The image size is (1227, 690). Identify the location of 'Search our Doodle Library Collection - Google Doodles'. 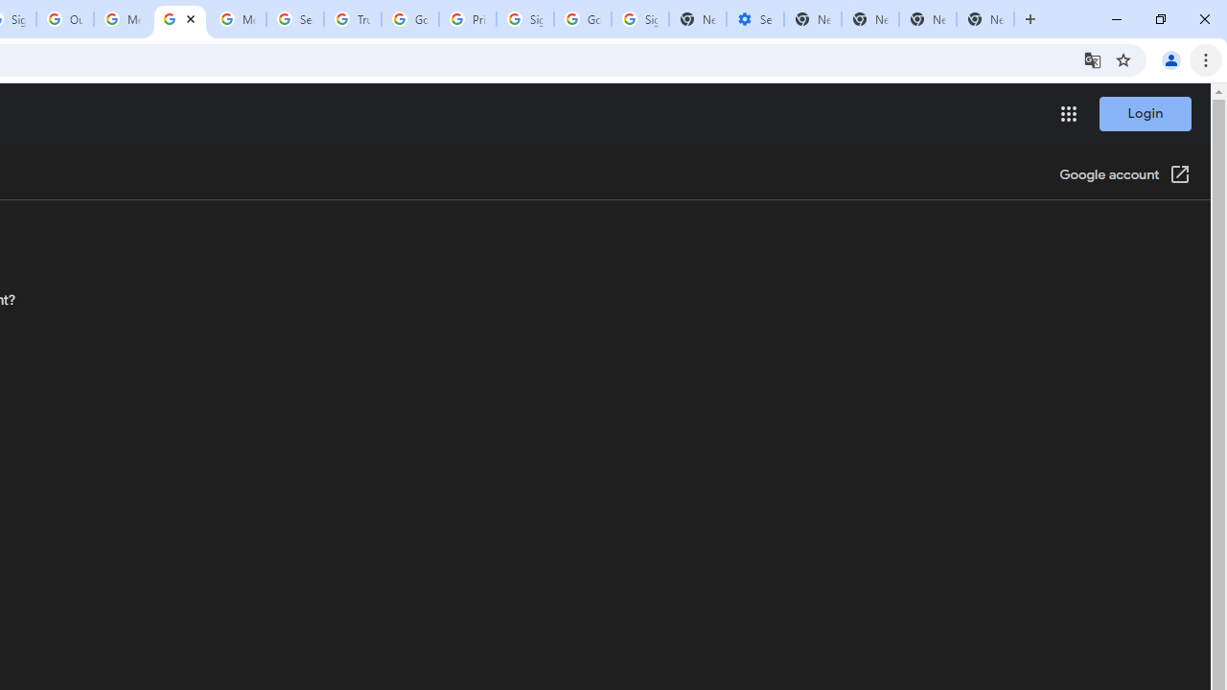
(293, 19).